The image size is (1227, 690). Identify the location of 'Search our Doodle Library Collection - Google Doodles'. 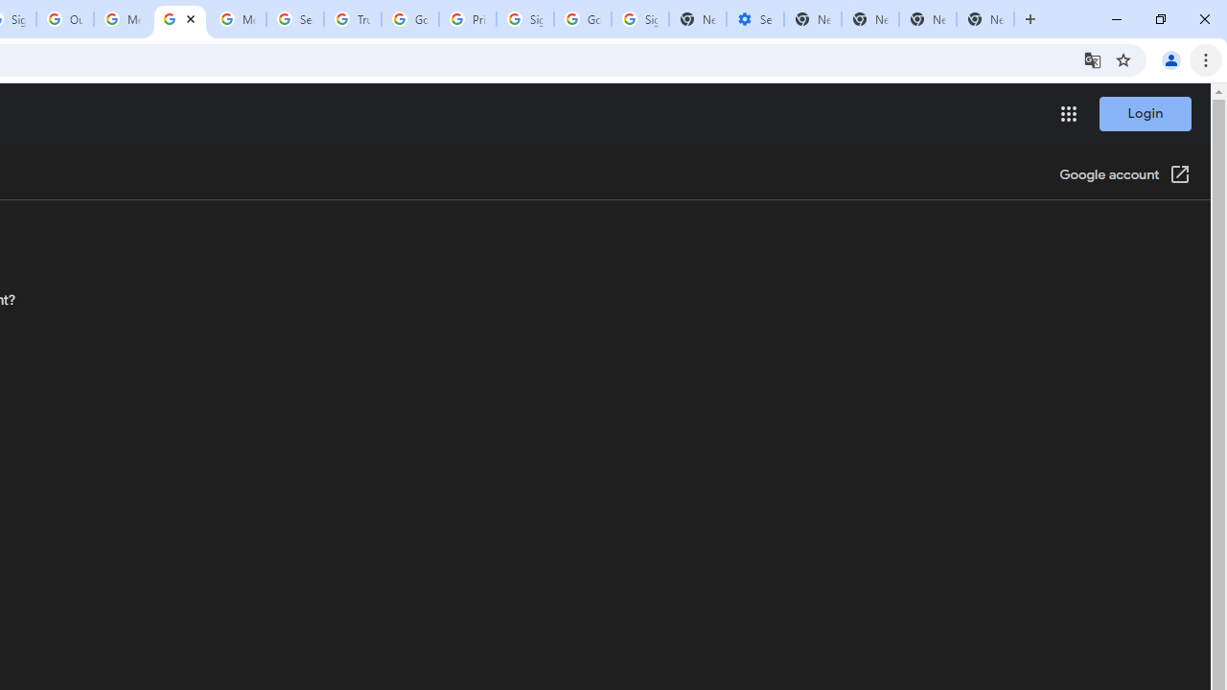
(293, 19).